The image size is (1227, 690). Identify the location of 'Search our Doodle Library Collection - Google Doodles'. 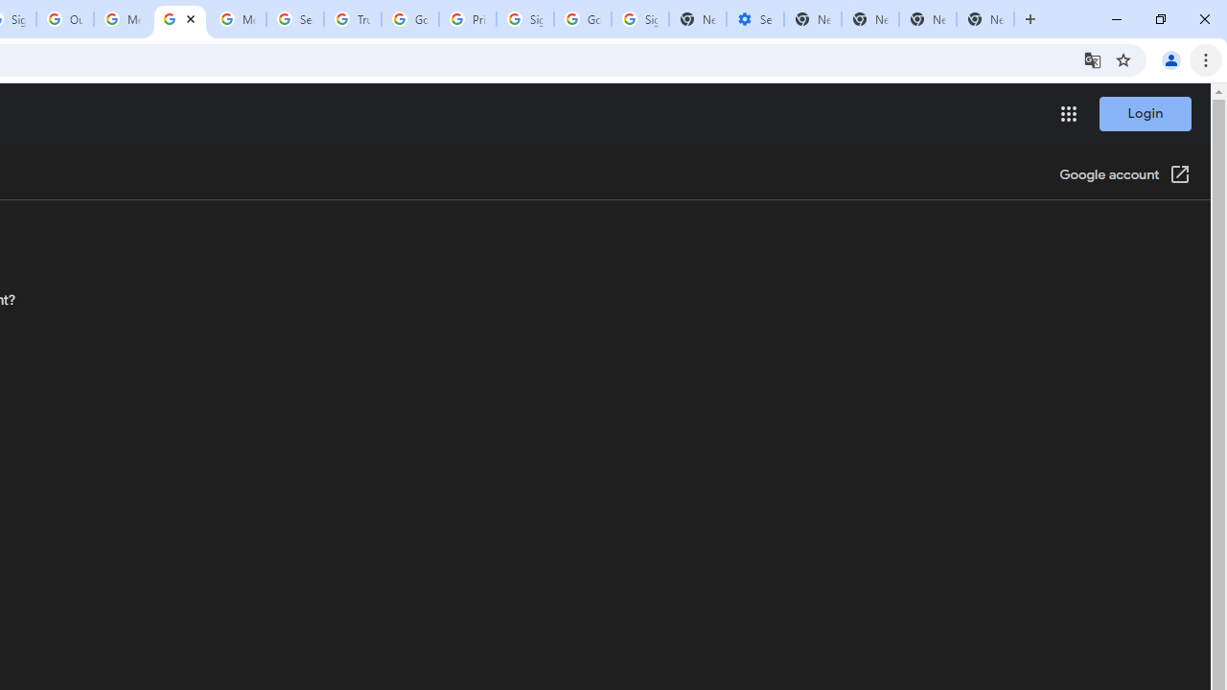
(293, 19).